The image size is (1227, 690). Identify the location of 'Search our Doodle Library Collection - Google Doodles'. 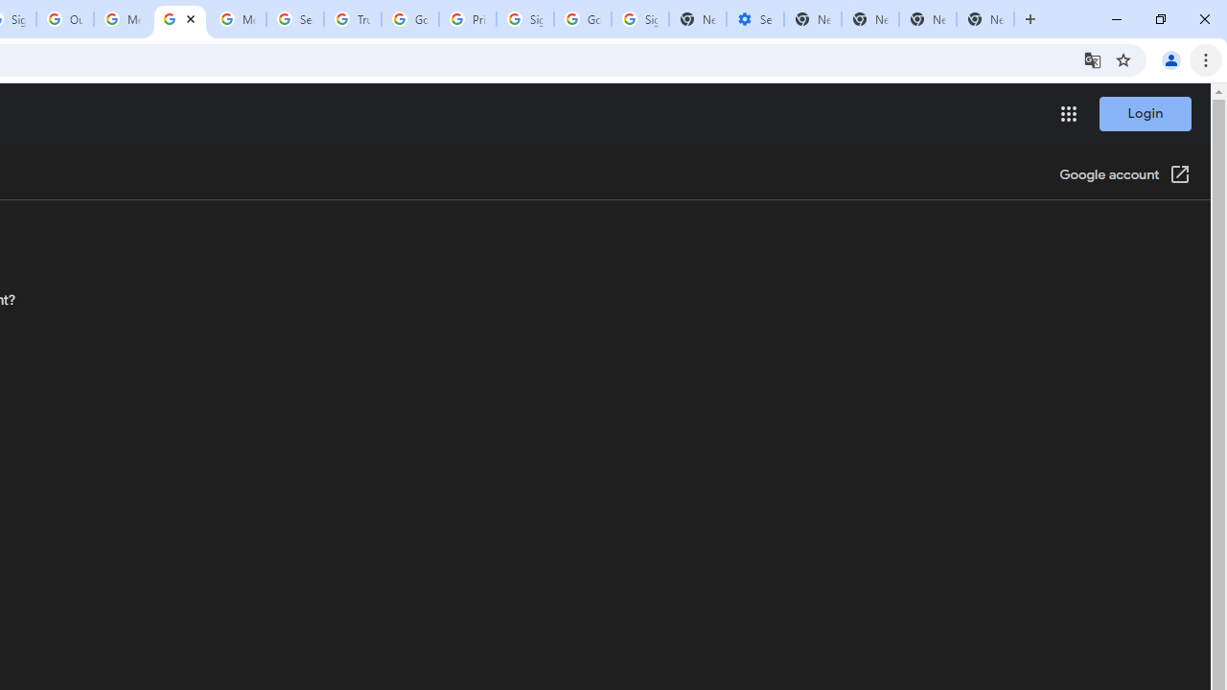
(293, 19).